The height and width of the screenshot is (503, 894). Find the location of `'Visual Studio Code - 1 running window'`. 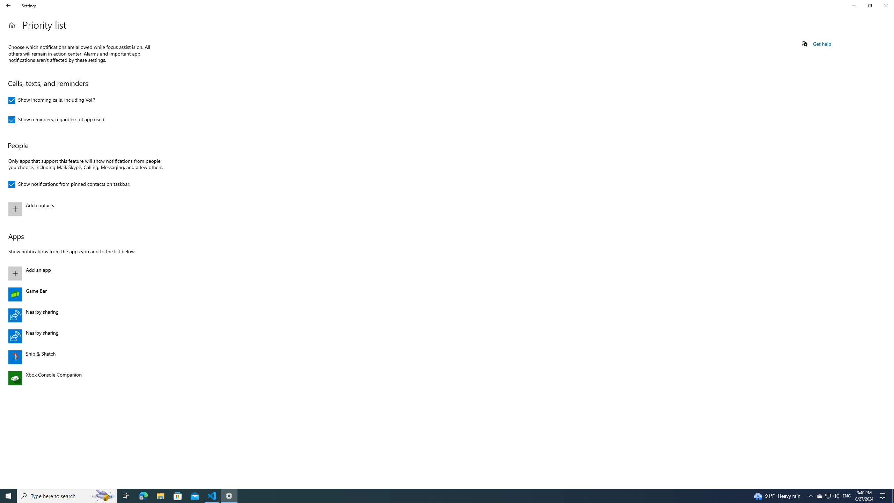

'Visual Studio Code - 1 running window' is located at coordinates (178, 495).